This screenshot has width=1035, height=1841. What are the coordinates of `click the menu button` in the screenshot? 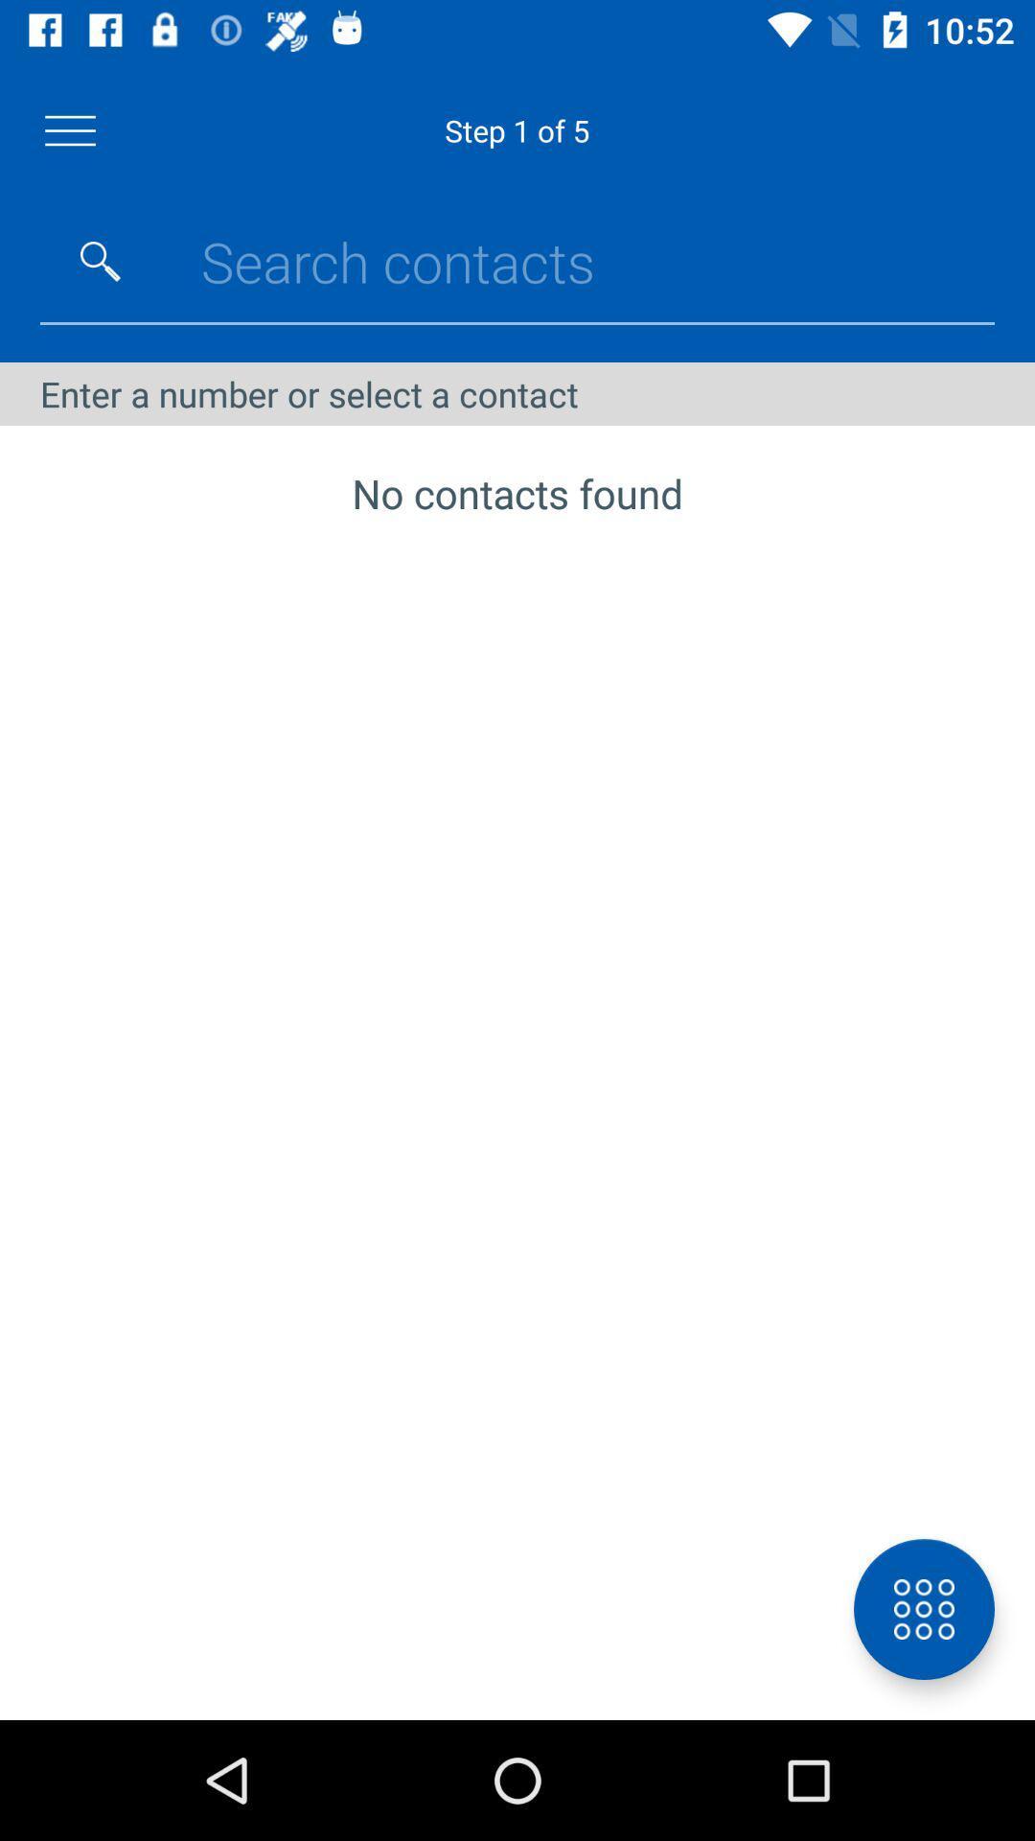 It's located at (69, 129).